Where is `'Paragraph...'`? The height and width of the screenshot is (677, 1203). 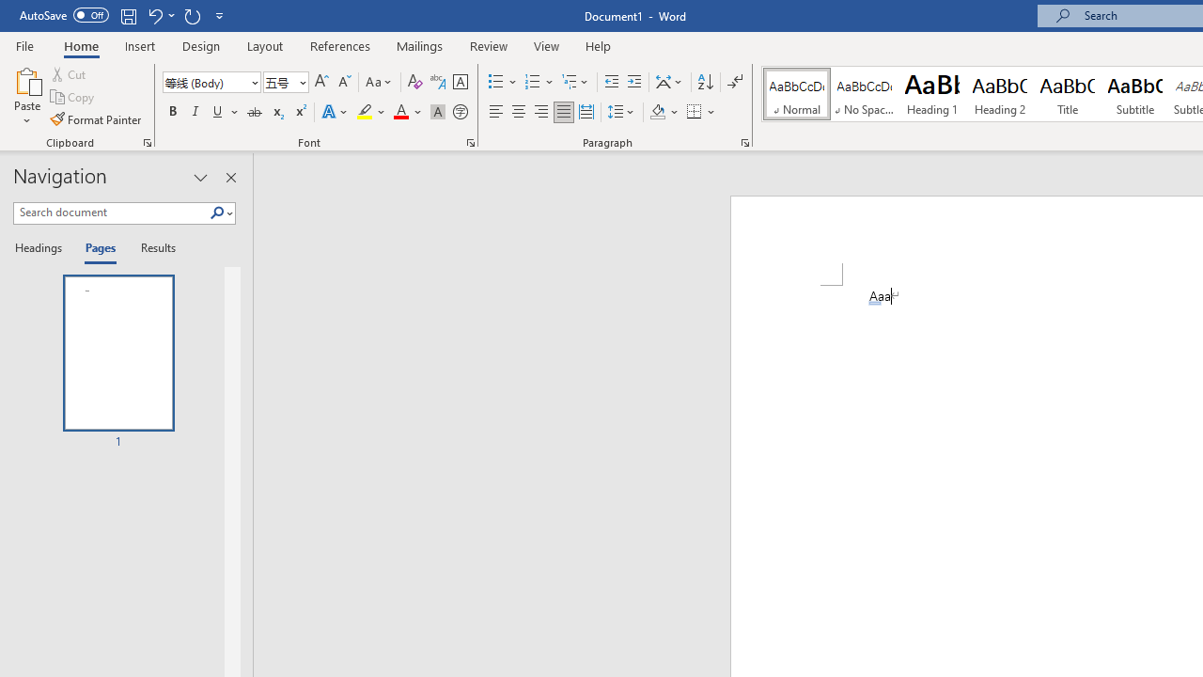
'Paragraph...' is located at coordinates (743, 141).